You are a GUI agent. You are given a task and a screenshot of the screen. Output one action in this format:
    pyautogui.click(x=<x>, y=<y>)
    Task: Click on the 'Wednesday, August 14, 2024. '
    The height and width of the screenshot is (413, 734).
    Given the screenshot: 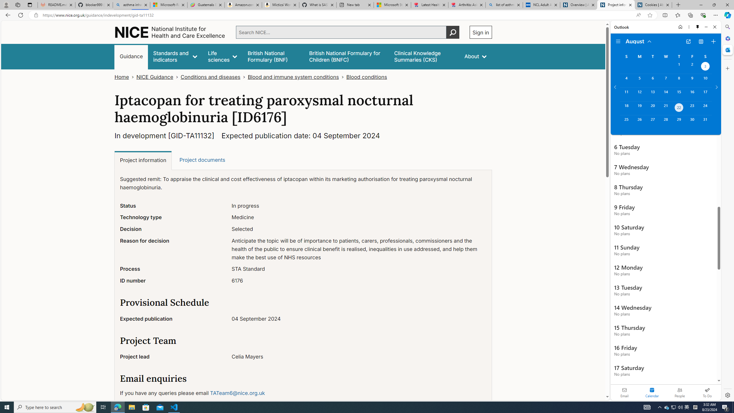 What is the action you would take?
    pyautogui.click(x=665, y=94)
    